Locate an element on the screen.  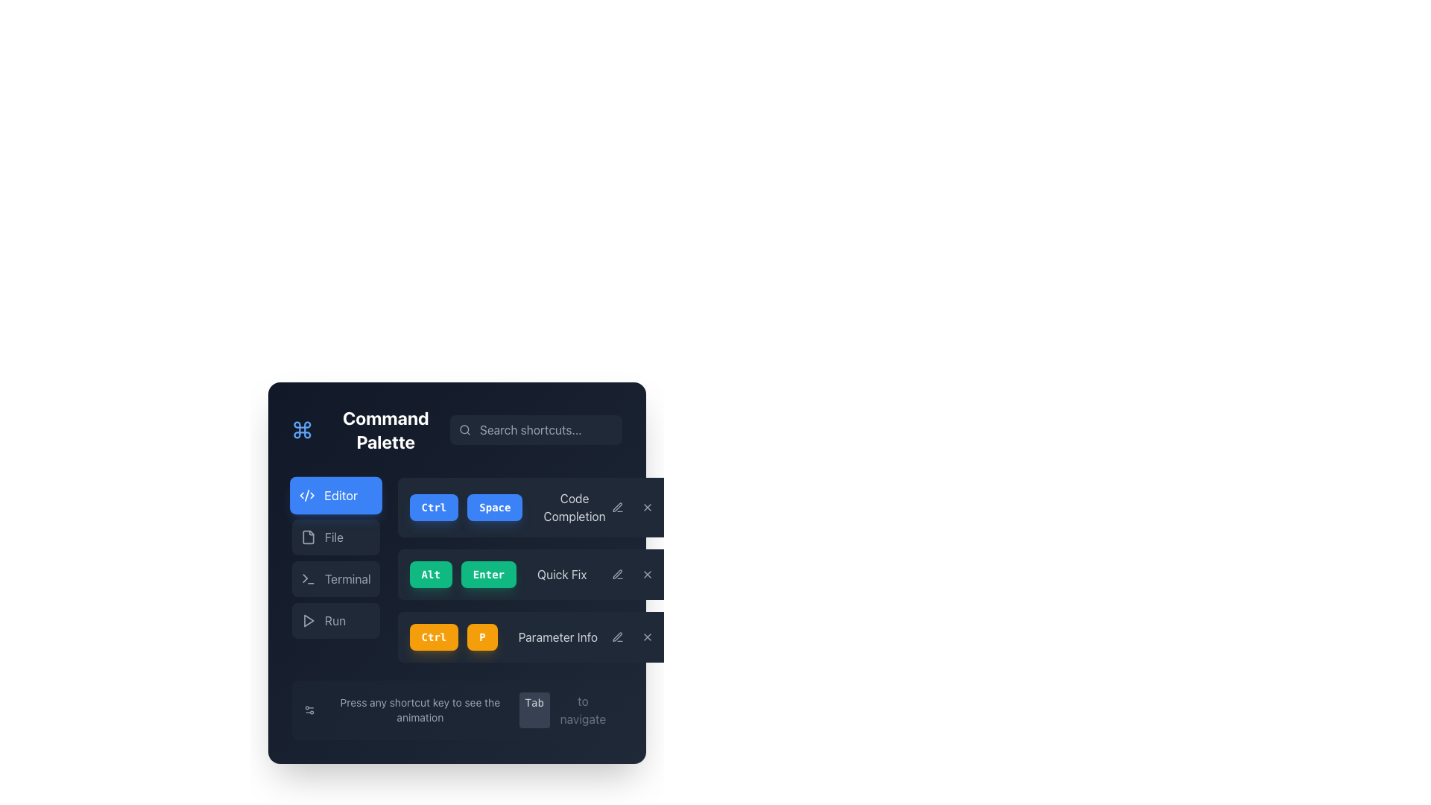
the play icon component is located at coordinates (308, 621).